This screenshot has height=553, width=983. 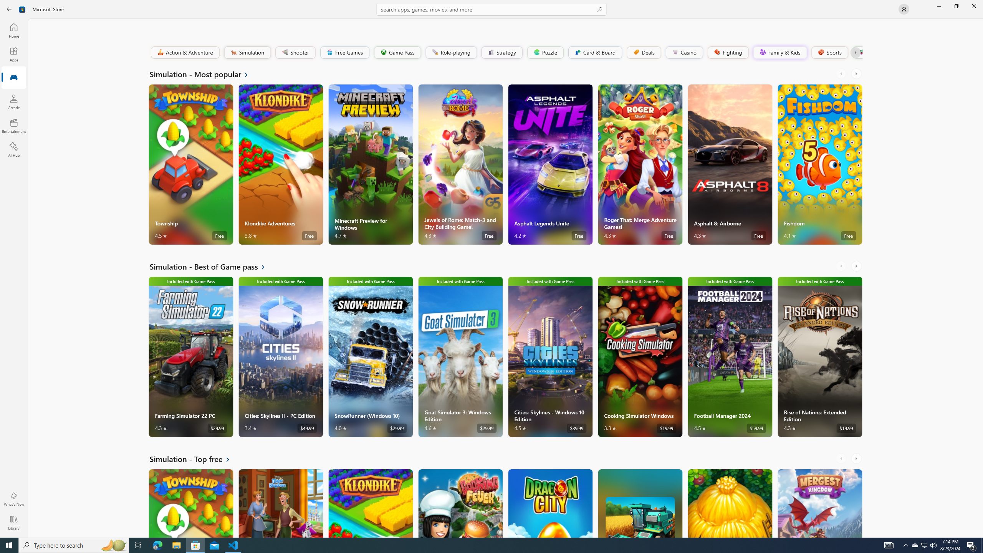 What do you see at coordinates (13, 101) in the screenshot?
I see `'Arcade'` at bounding box center [13, 101].